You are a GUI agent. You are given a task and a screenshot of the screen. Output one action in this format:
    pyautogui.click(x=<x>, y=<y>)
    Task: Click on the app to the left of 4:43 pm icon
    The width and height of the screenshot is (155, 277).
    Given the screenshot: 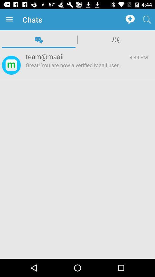 What is the action you would take?
    pyautogui.click(x=74, y=70)
    